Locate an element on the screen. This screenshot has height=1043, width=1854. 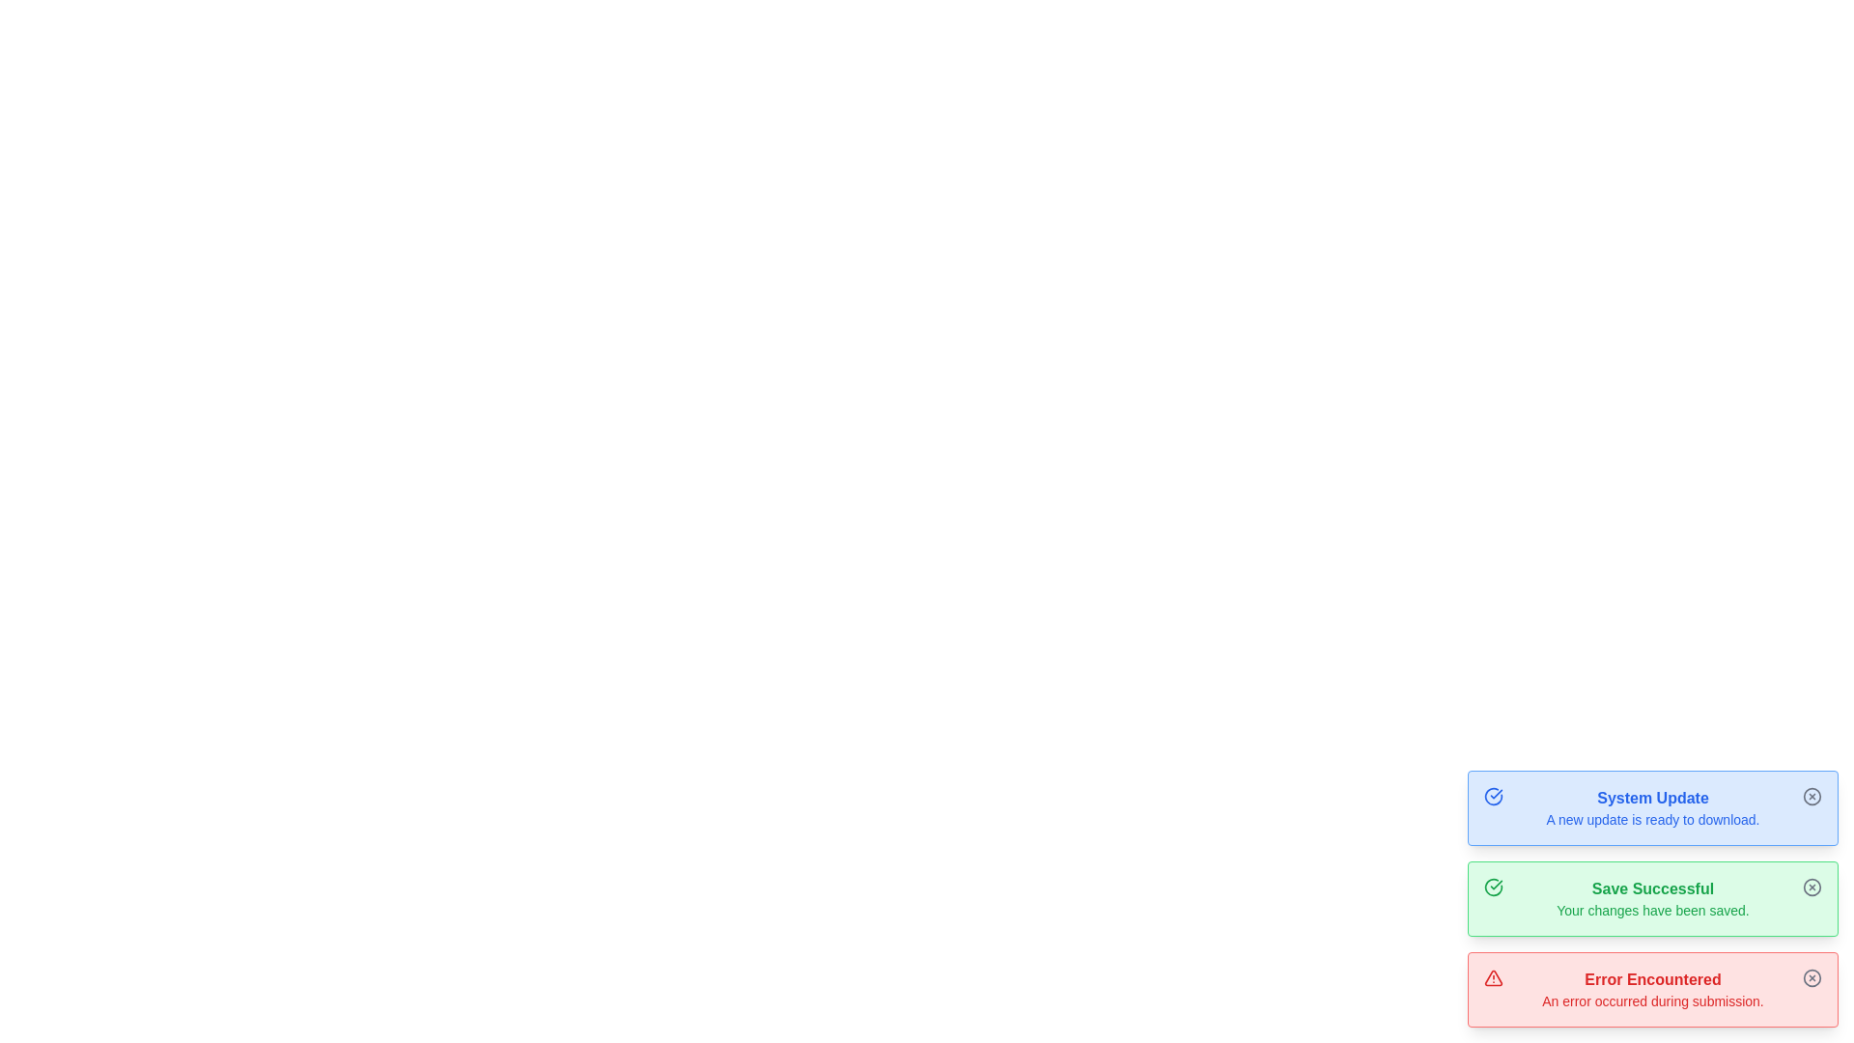
the success icon indicating that an action has been processed correctly, located to the left of the 'Save Successful' message is located at coordinates (1492, 887).